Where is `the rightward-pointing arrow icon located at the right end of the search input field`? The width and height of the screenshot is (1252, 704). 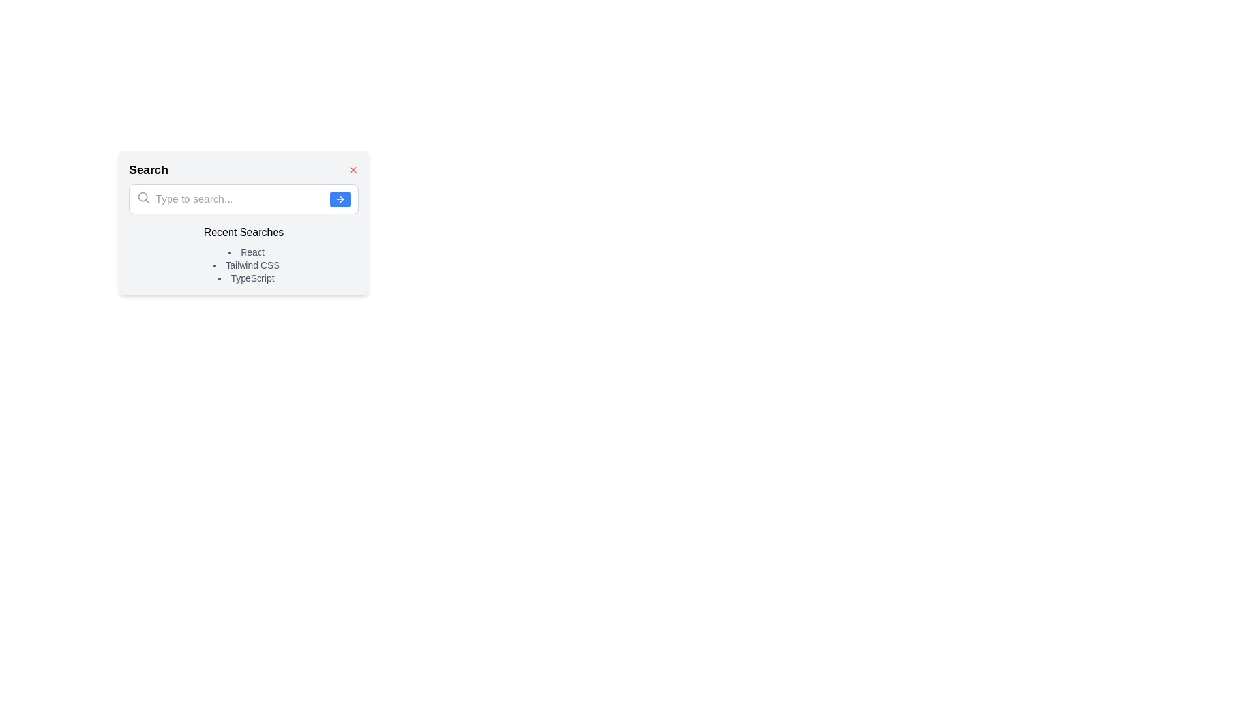 the rightward-pointing arrow icon located at the right end of the search input field is located at coordinates (340, 199).